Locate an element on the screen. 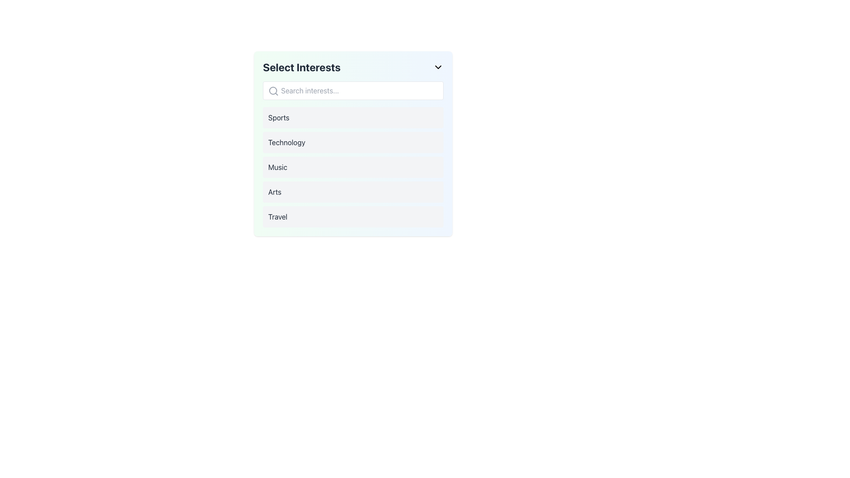 Image resolution: width=850 pixels, height=478 pixels. to select the List Item labeled 'Travel', which is the fifth entry in a vertically stacked list of containers with a light gray background that darkens on hover is located at coordinates (352, 216).